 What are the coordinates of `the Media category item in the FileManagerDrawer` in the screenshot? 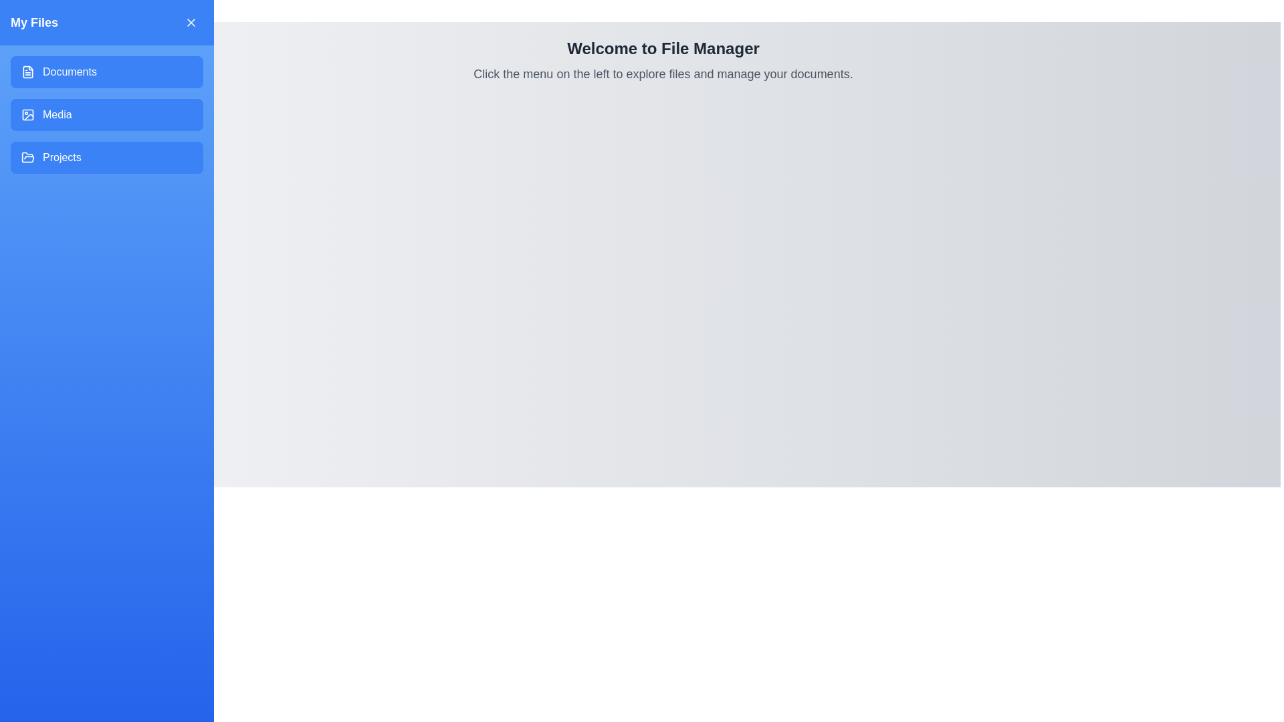 It's located at (106, 114).